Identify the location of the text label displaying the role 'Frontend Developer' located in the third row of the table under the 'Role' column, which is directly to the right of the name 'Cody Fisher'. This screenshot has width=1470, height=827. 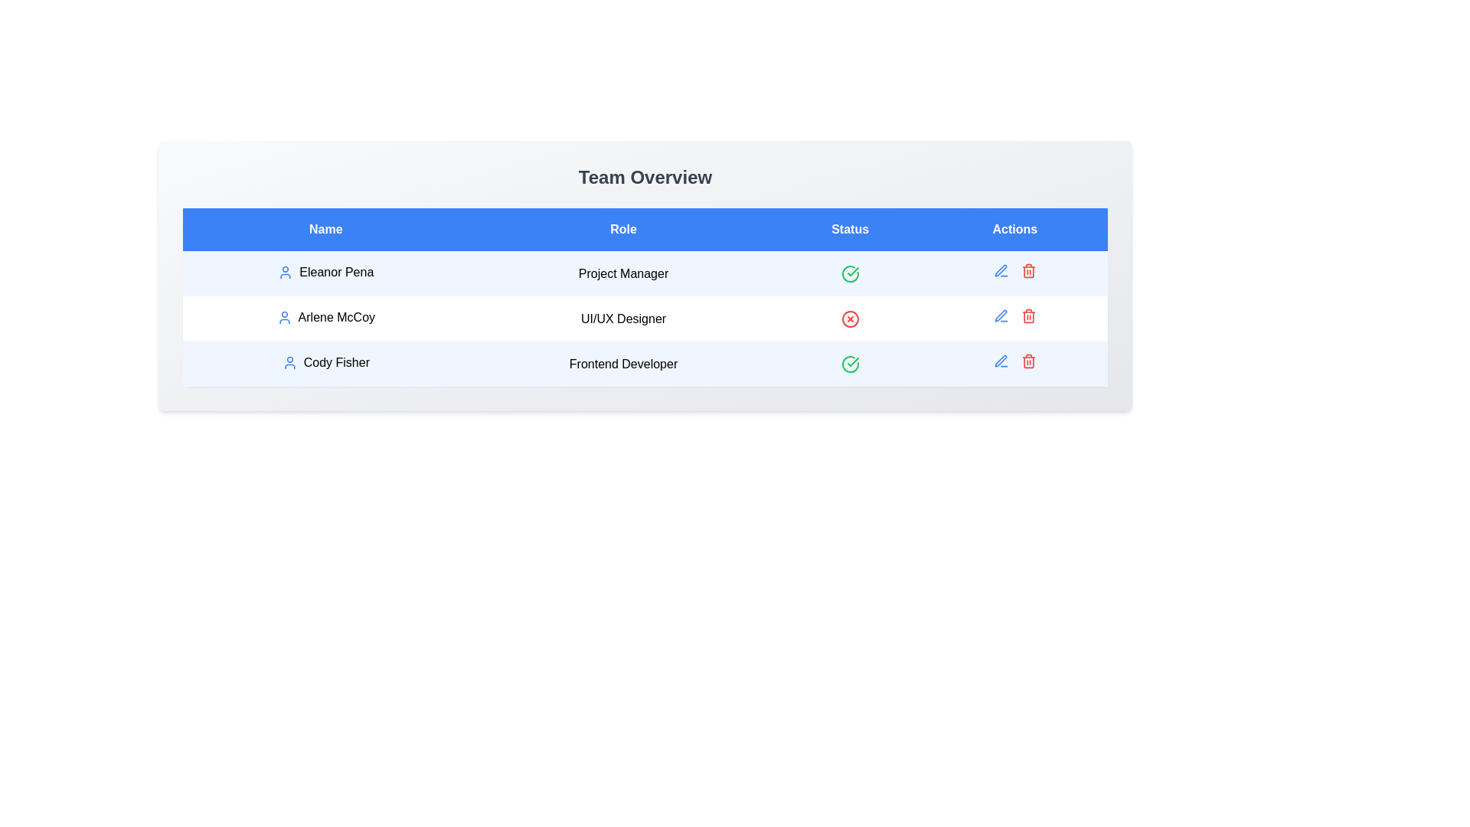
(623, 364).